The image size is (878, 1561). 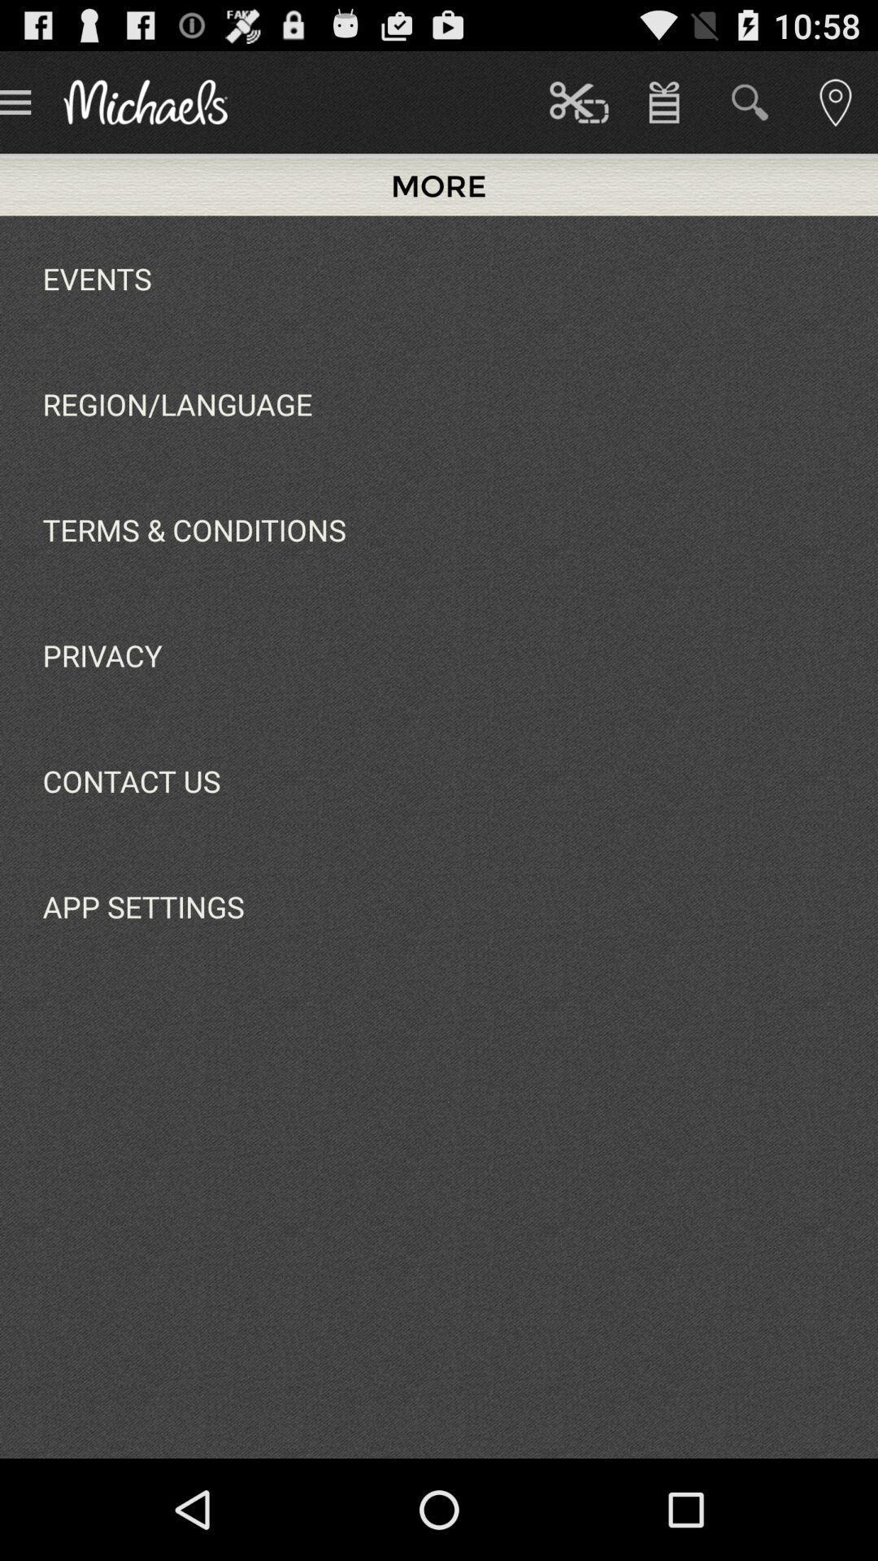 What do you see at coordinates (97, 278) in the screenshot?
I see `events app` at bounding box center [97, 278].